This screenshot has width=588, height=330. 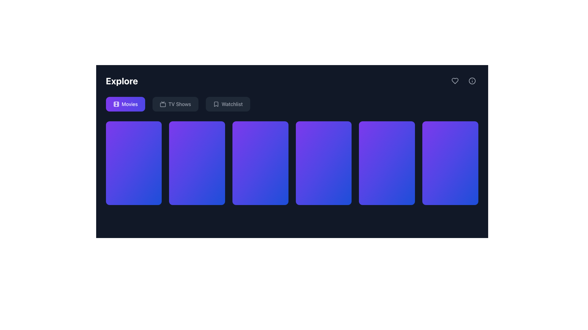 I want to click on the heart-shaped icon filled with a pattern located at the top right corner of the interface, so click(x=455, y=81).